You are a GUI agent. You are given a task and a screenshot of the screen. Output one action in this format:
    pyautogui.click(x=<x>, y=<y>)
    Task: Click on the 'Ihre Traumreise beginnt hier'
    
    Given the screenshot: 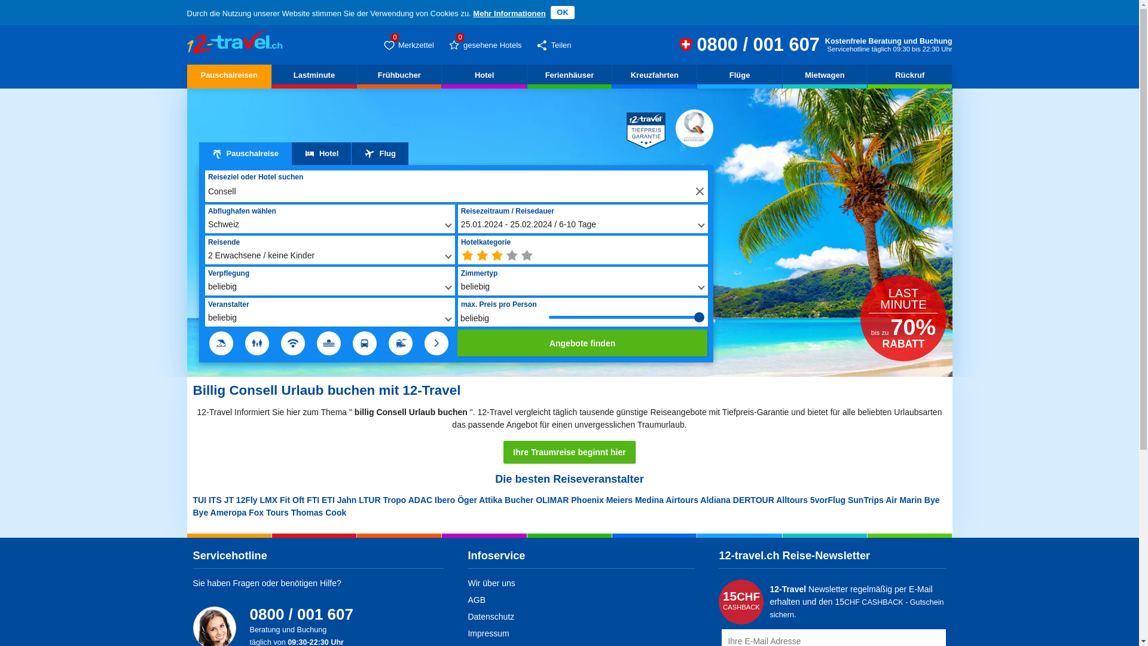 What is the action you would take?
    pyautogui.click(x=568, y=452)
    